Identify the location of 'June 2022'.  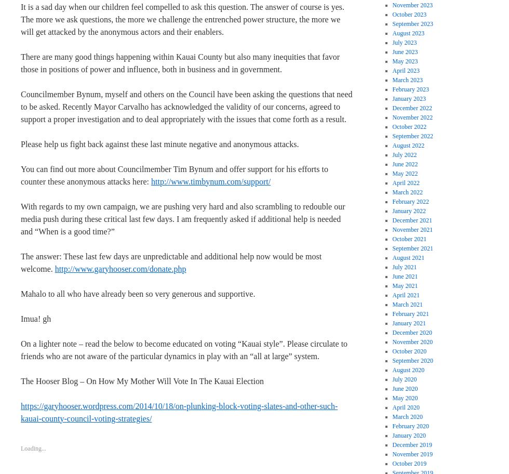
(405, 164).